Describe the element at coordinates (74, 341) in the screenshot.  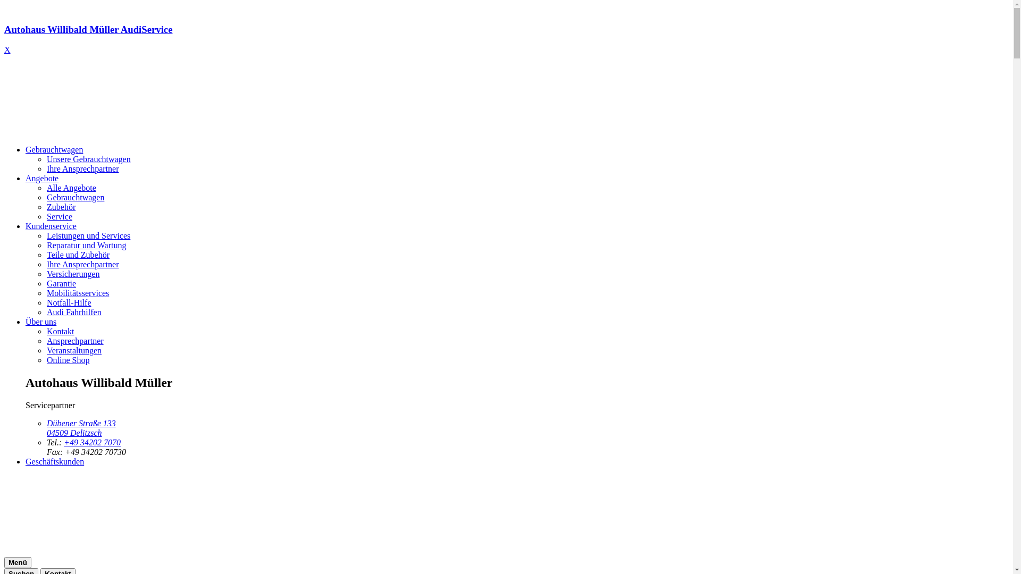
I see `'Ansprechpartner'` at that location.